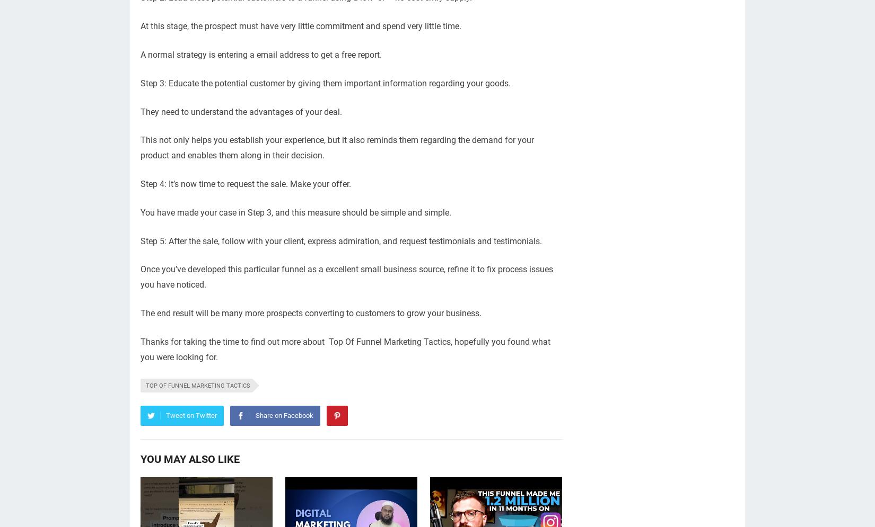  What do you see at coordinates (191, 415) in the screenshot?
I see `'Tweet on Twitter'` at bounding box center [191, 415].